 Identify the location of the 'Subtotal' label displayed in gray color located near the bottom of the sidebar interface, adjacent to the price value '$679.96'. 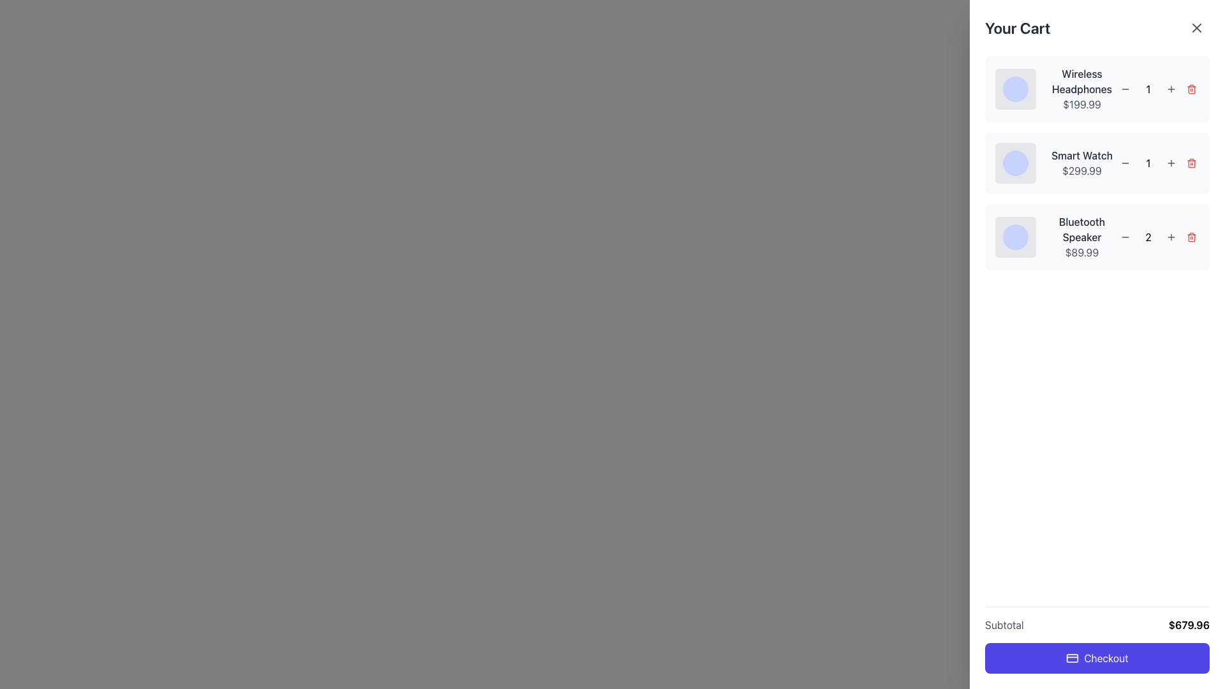
(1004, 624).